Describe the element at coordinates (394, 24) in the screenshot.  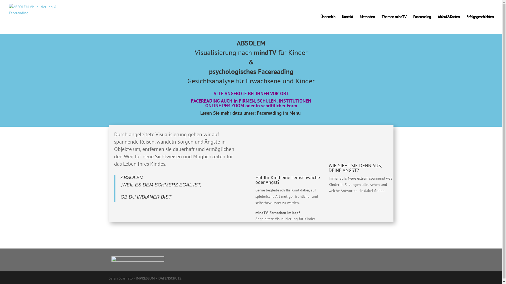
I see `'Themen mindTV'` at that location.